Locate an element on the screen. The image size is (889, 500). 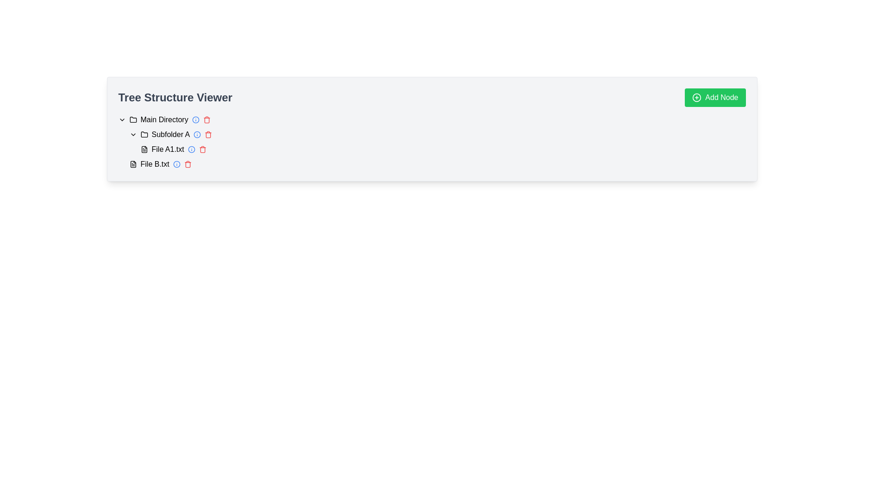
the file icon representing 'File B.txt' located to the left of the label within the tree structure viewer component is located at coordinates (132, 163).